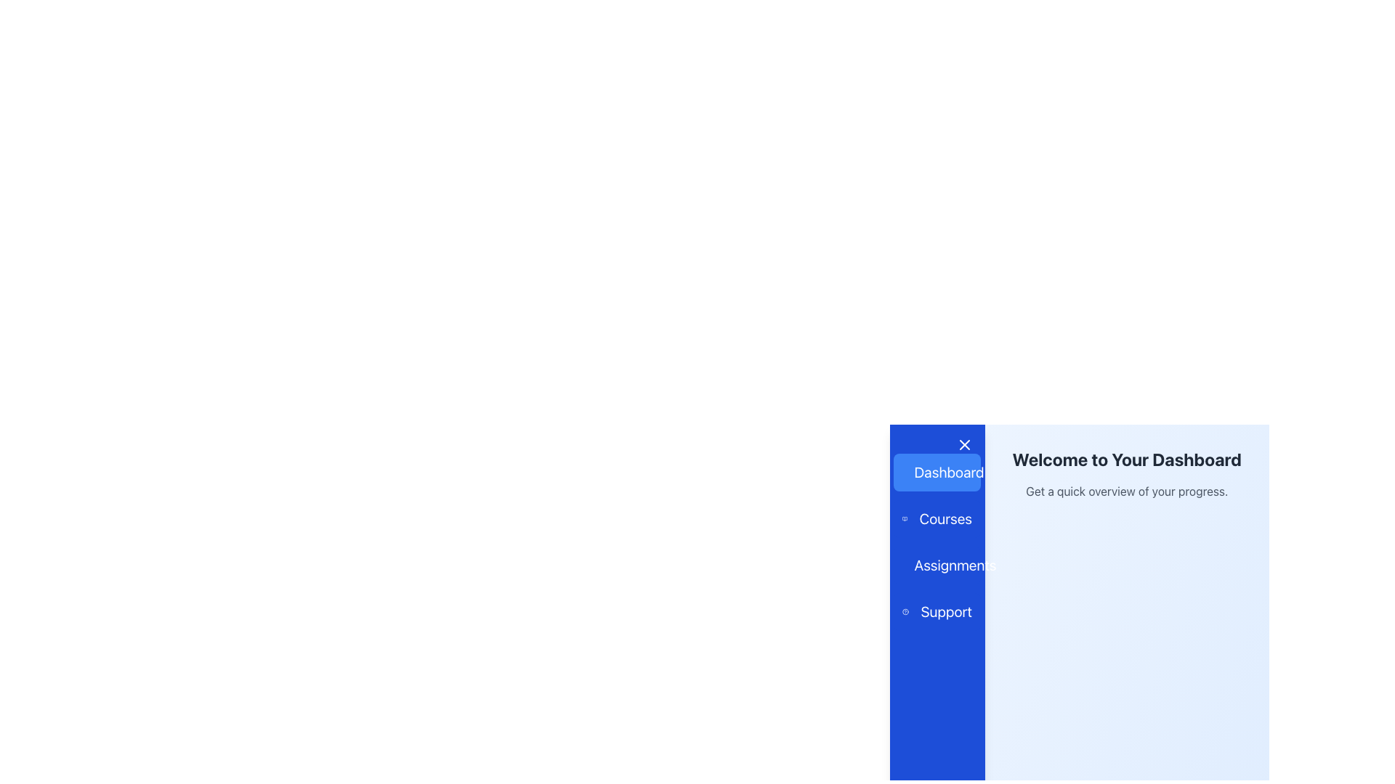  What do you see at coordinates (948, 473) in the screenshot?
I see `the 'Dashboard' text label located in the blue navigation menu on the left side of the interface` at bounding box center [948, 473].